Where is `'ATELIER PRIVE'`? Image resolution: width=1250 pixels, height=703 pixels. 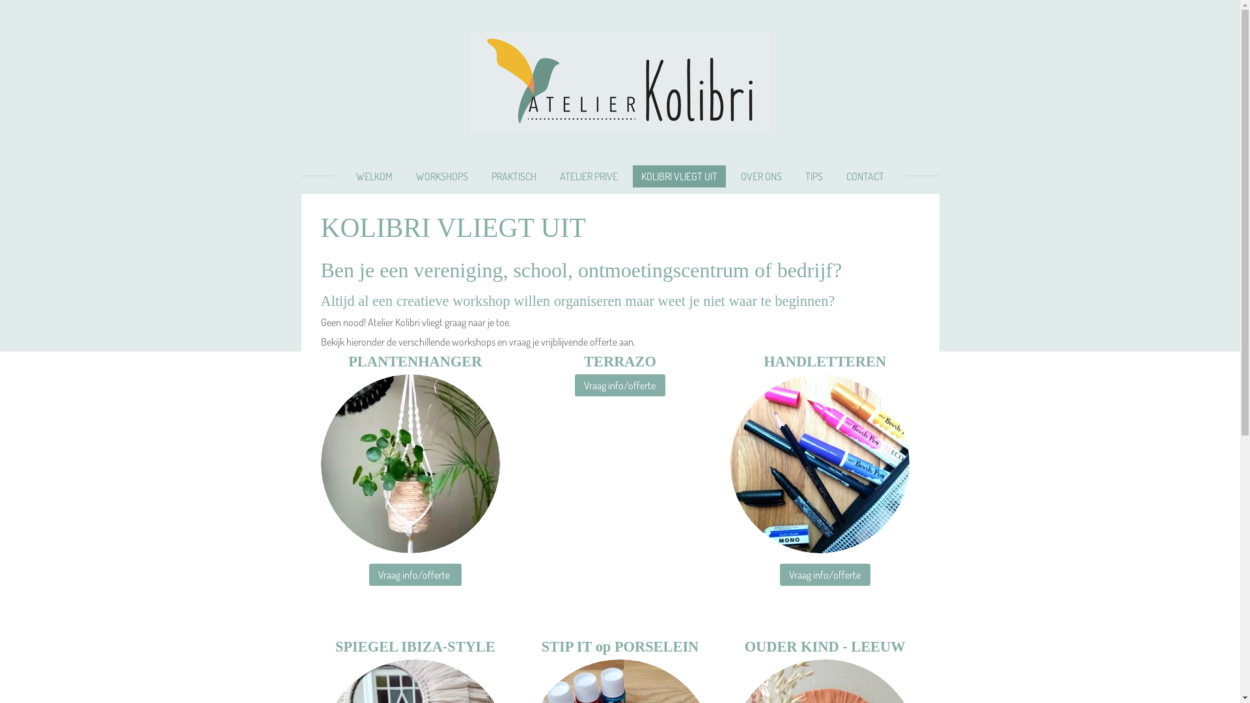
'ATELIER PRIVE' is located at coordinates (588, 176).